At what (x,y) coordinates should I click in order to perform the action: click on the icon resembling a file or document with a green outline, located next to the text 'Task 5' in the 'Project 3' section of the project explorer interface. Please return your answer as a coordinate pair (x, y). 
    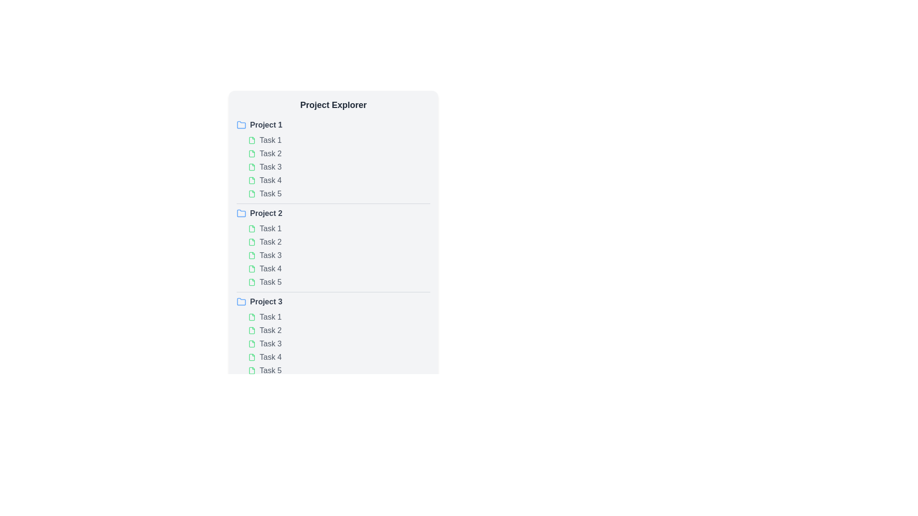
    Looking at the image, I should click on (252, 370).